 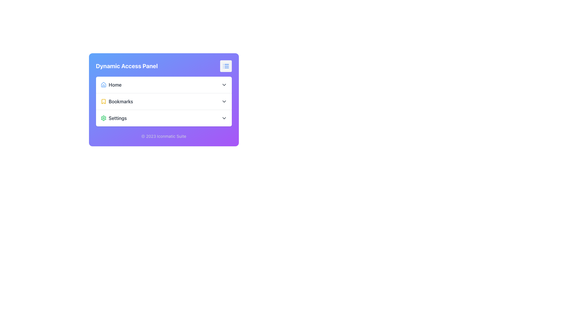 I want to click on the menu button located in the top-right corner of the 'Dynamic Access Panel' header, so click(x=225, y=66).